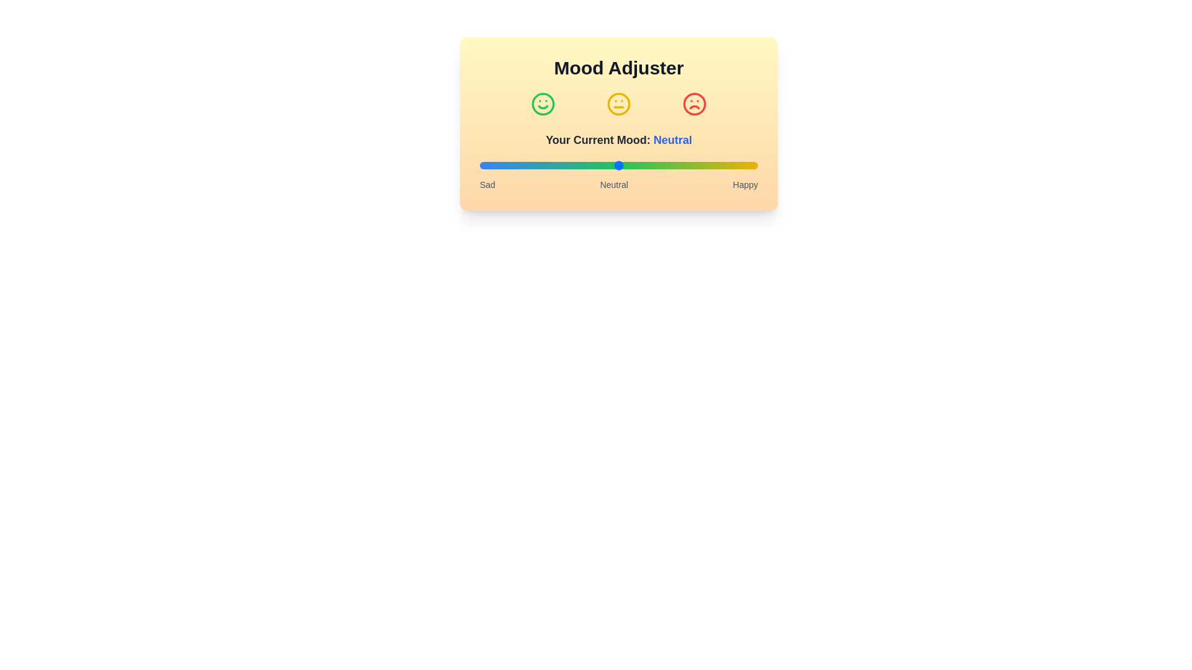 This screenshot has width=1192, height=670. Describe the element at coordinates (677, 164) in the screenshot. I see `the slider to a specific value 71 to observe the mood label change` at that location.